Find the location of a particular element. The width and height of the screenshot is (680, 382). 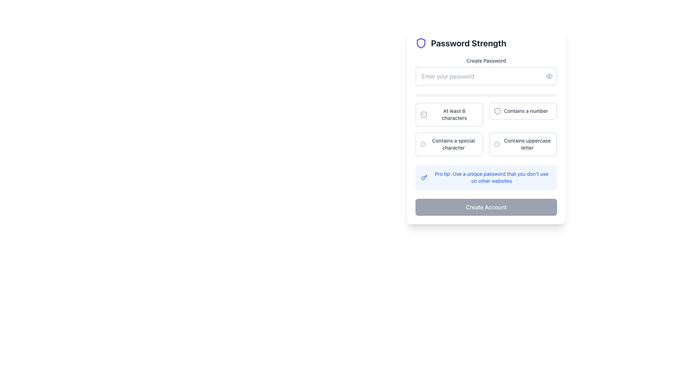

the informational label reading 'Contains a special character' in the password creation section is located at coordinates (449, 144).